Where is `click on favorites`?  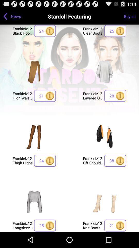
click on favorites is located at coordinates (104, 136).